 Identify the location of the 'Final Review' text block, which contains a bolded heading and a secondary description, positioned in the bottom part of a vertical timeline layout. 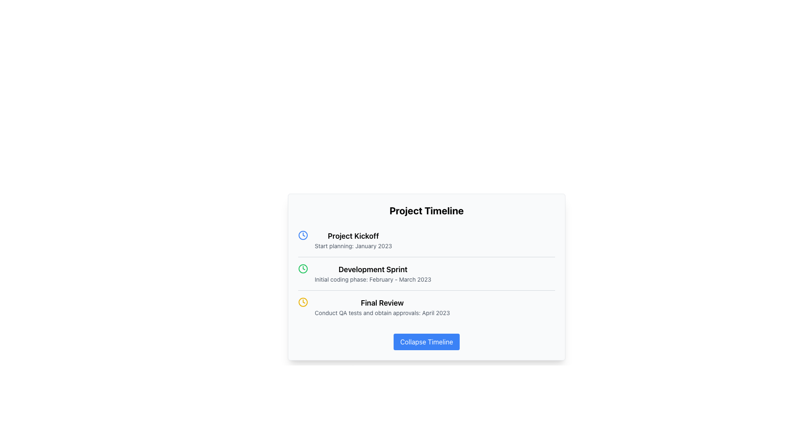
(382, 307).